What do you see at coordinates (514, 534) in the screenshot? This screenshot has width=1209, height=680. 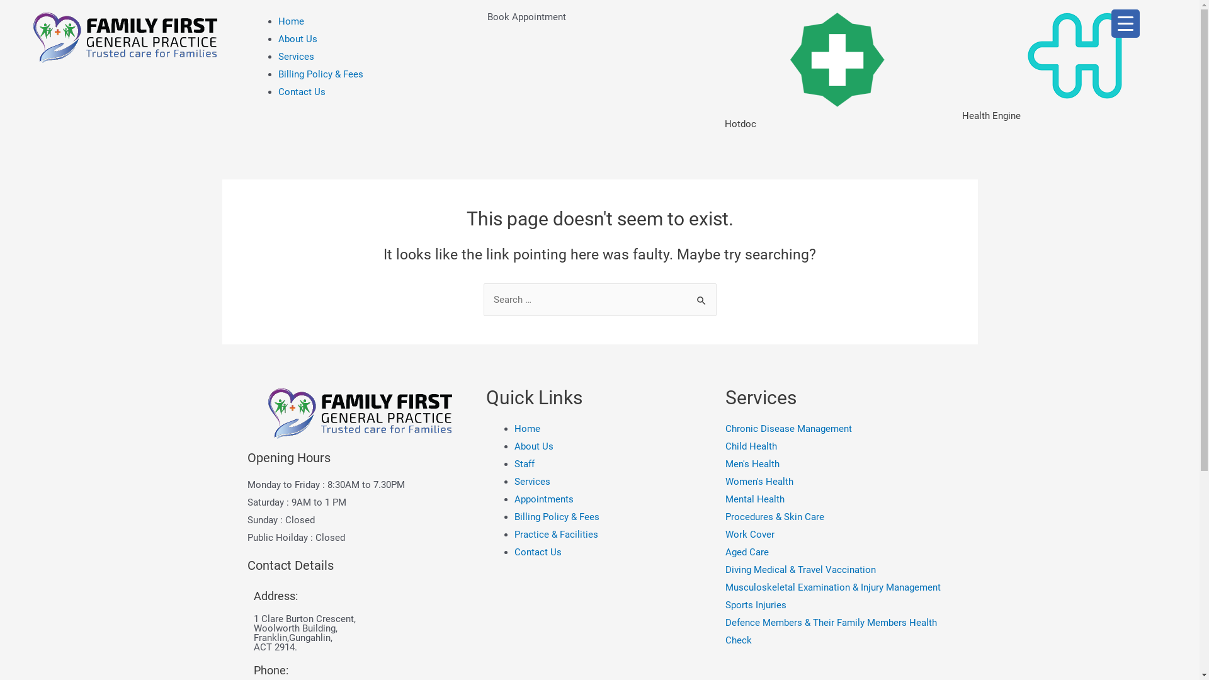 I see `'Practice & Facilities'` at bounding box center [514, 534].